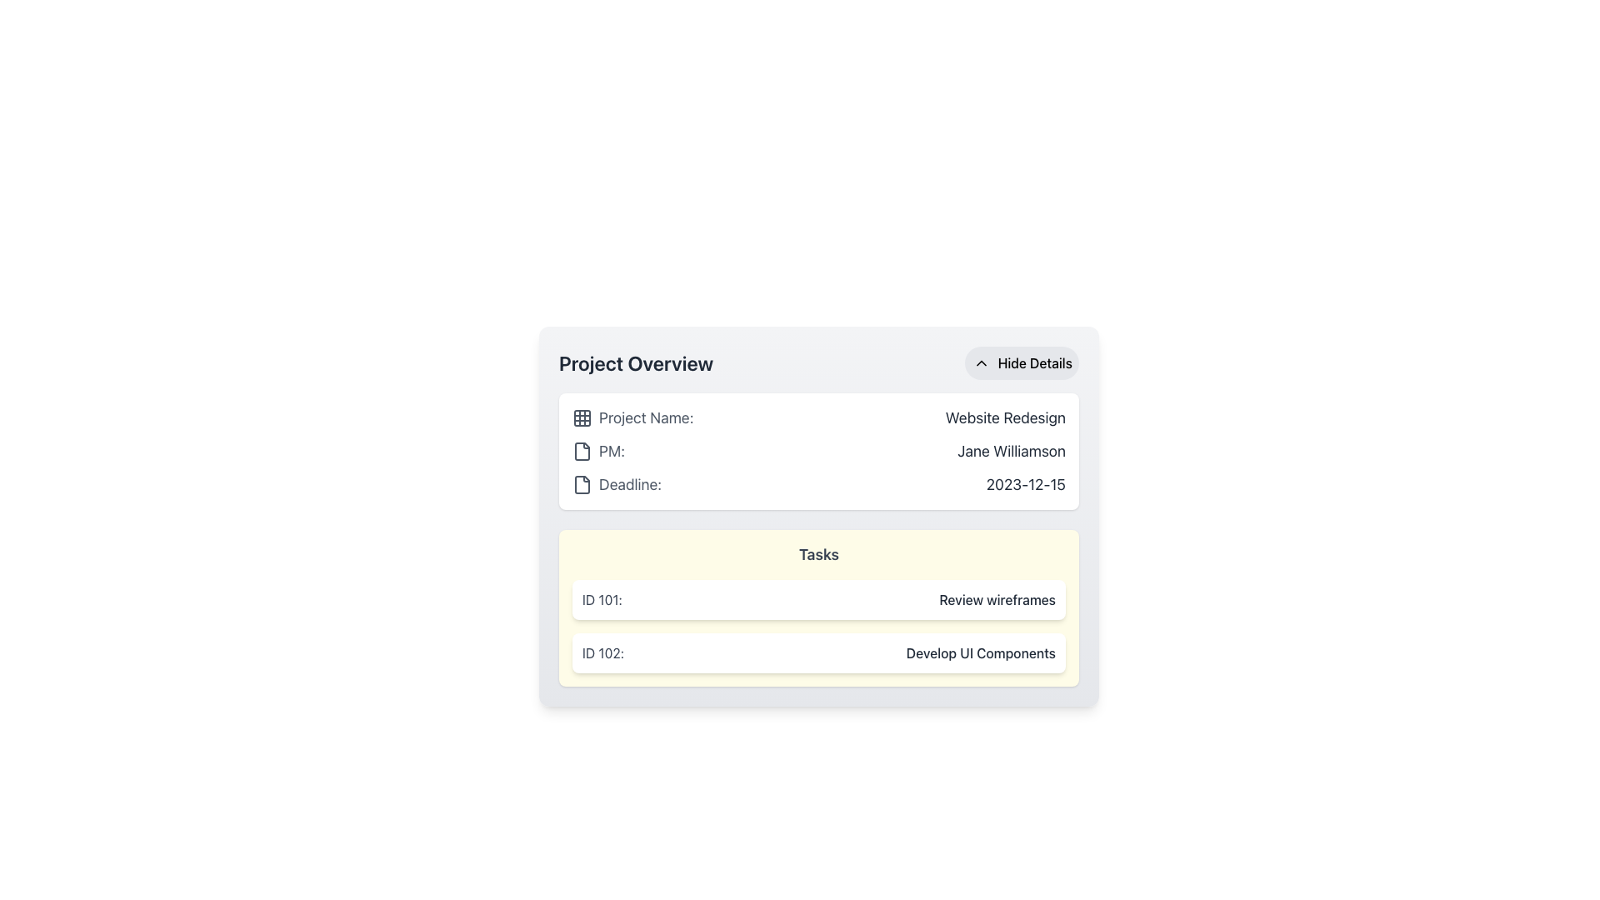 Image resolution: width=1600 pixels, height=900 pixels. I want to click on the Text Label indicating the project manager's designation, positioned above 'Jane Williamson' in the top-middle part of the interface, so click(598, 452).